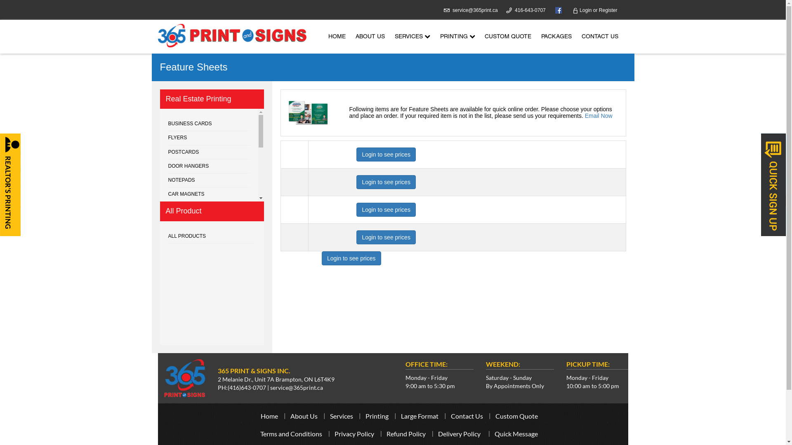 The image size is (792, 445). I want to click on 'DOOR HANGERS', so click(209, 166).